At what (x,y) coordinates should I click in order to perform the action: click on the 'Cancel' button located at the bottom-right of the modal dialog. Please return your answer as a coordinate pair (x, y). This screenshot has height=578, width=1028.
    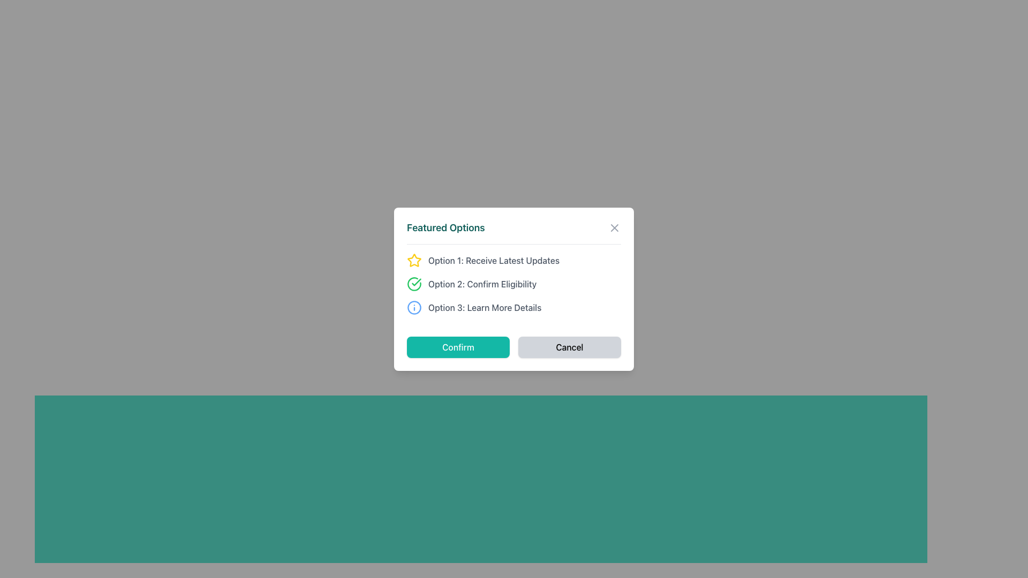
    Looking at the image, I should click on (569, 347).